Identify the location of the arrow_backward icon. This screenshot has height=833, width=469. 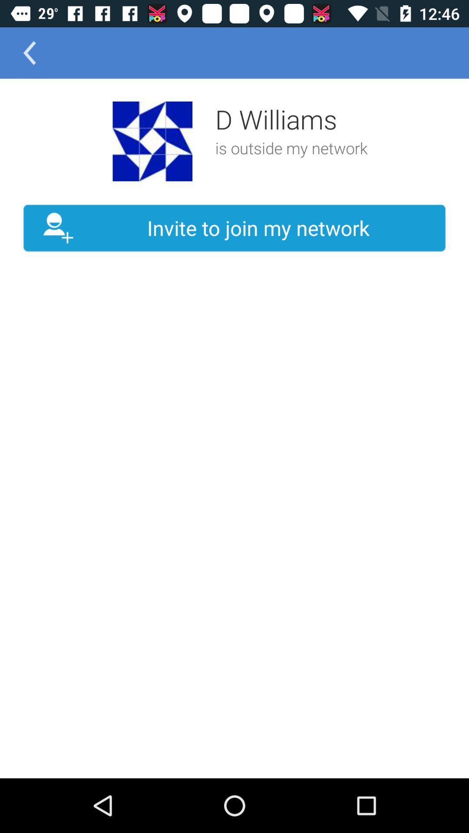
(29, 52).